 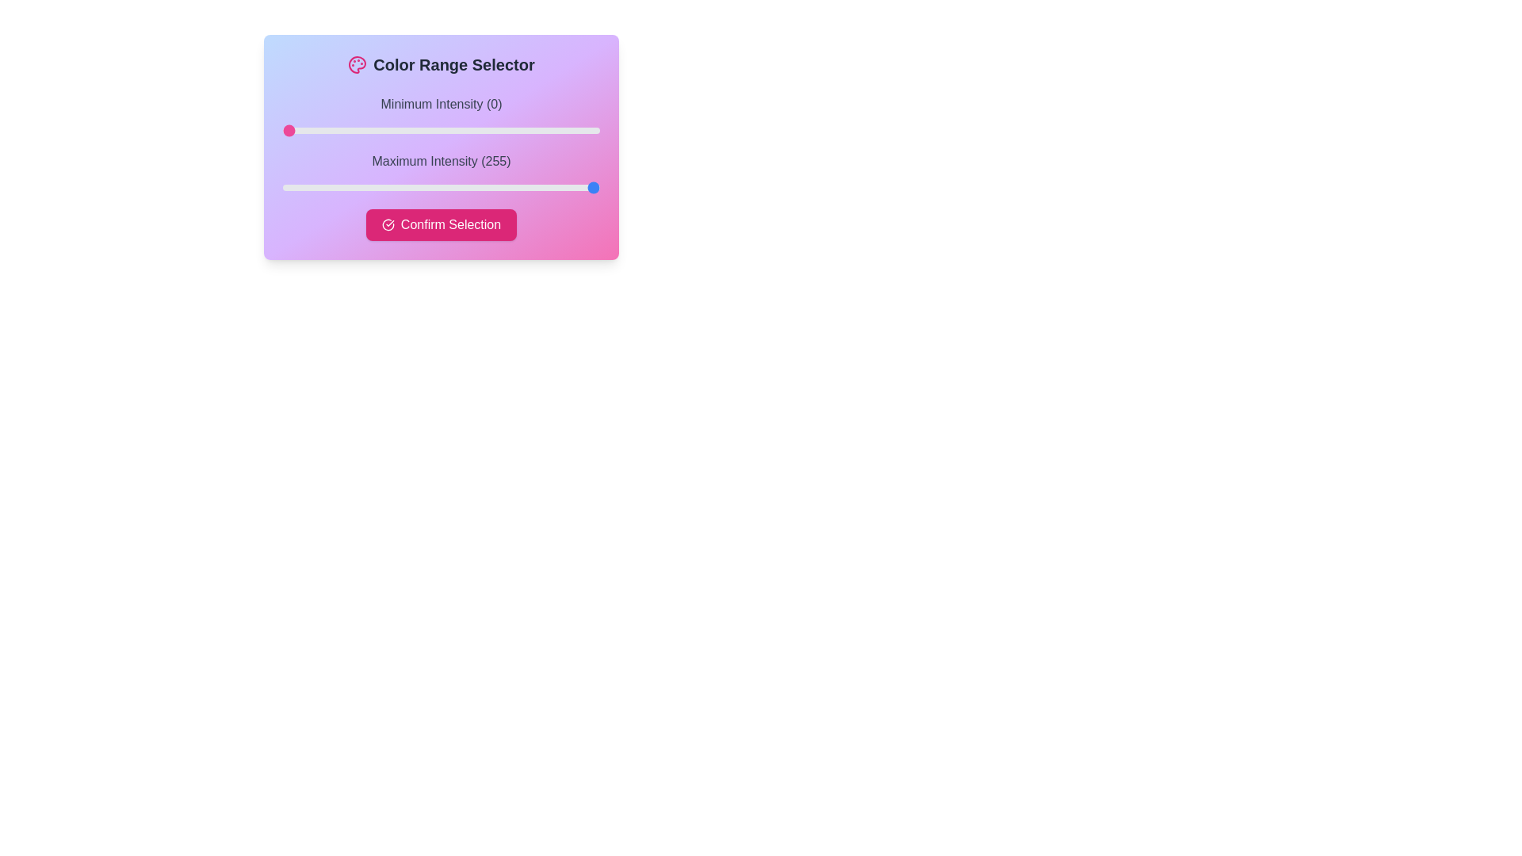 What do you see at coordinates (514, 130) in the screenshot?
I see `the slider to set the intensity to 186` at bounding box center [514, 130].